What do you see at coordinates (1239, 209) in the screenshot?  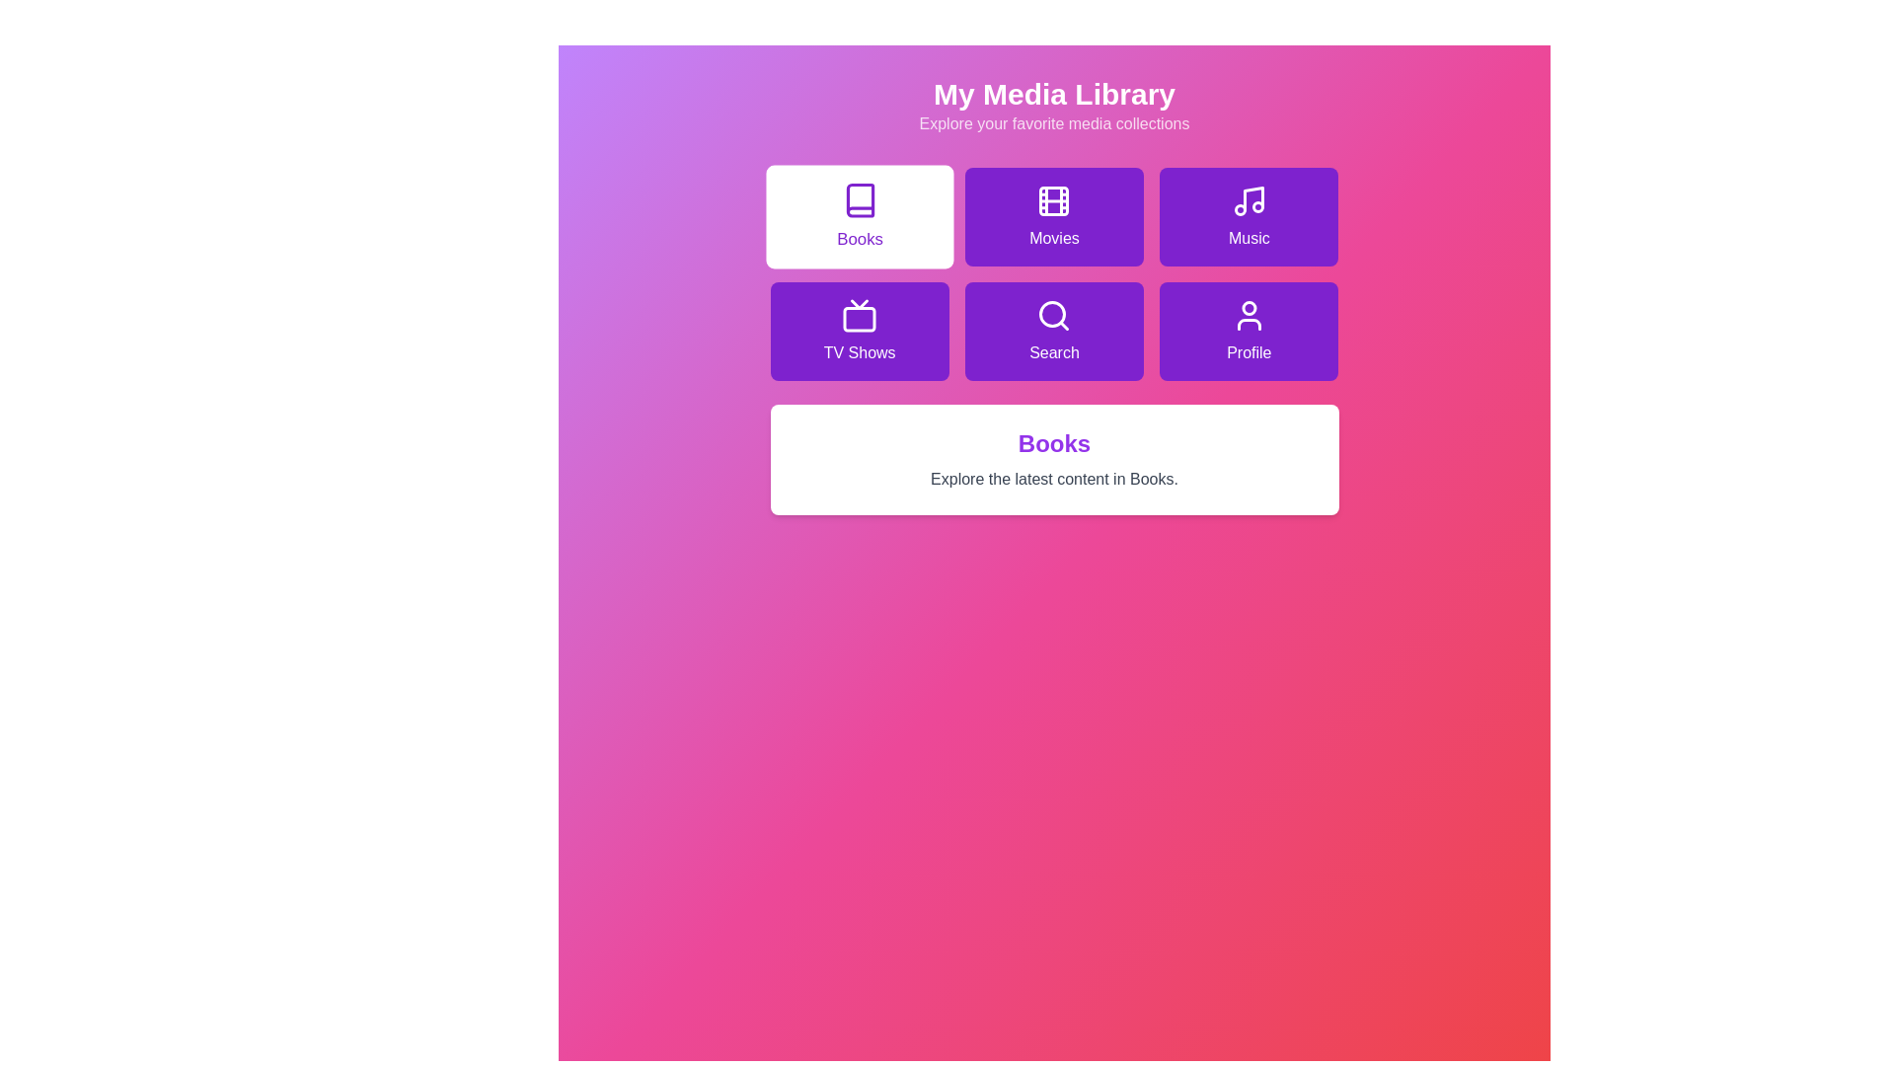 I see `the SVG Circle element that is part of the 'Music' icon, located in the top row of interactive icons, positioned slightly left and below the central main graphic element` at bounding box center [1239, 209].